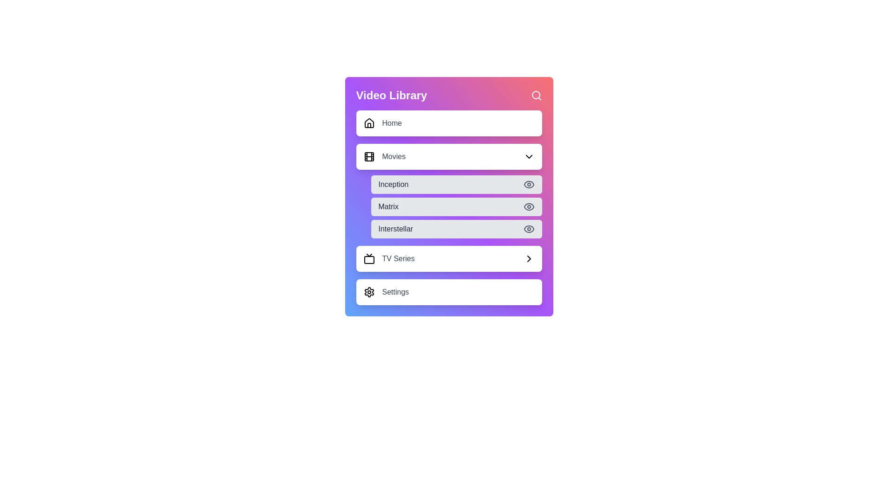 The width and height of the screenshot is (892, 501). What do you see at coordinates (529, 229) in the screenshot?
I see `the visibility toggle icon located to the right of the 'Interstellar' text label in the options list of the 'Movies' section` at bounding box center [529, 229].